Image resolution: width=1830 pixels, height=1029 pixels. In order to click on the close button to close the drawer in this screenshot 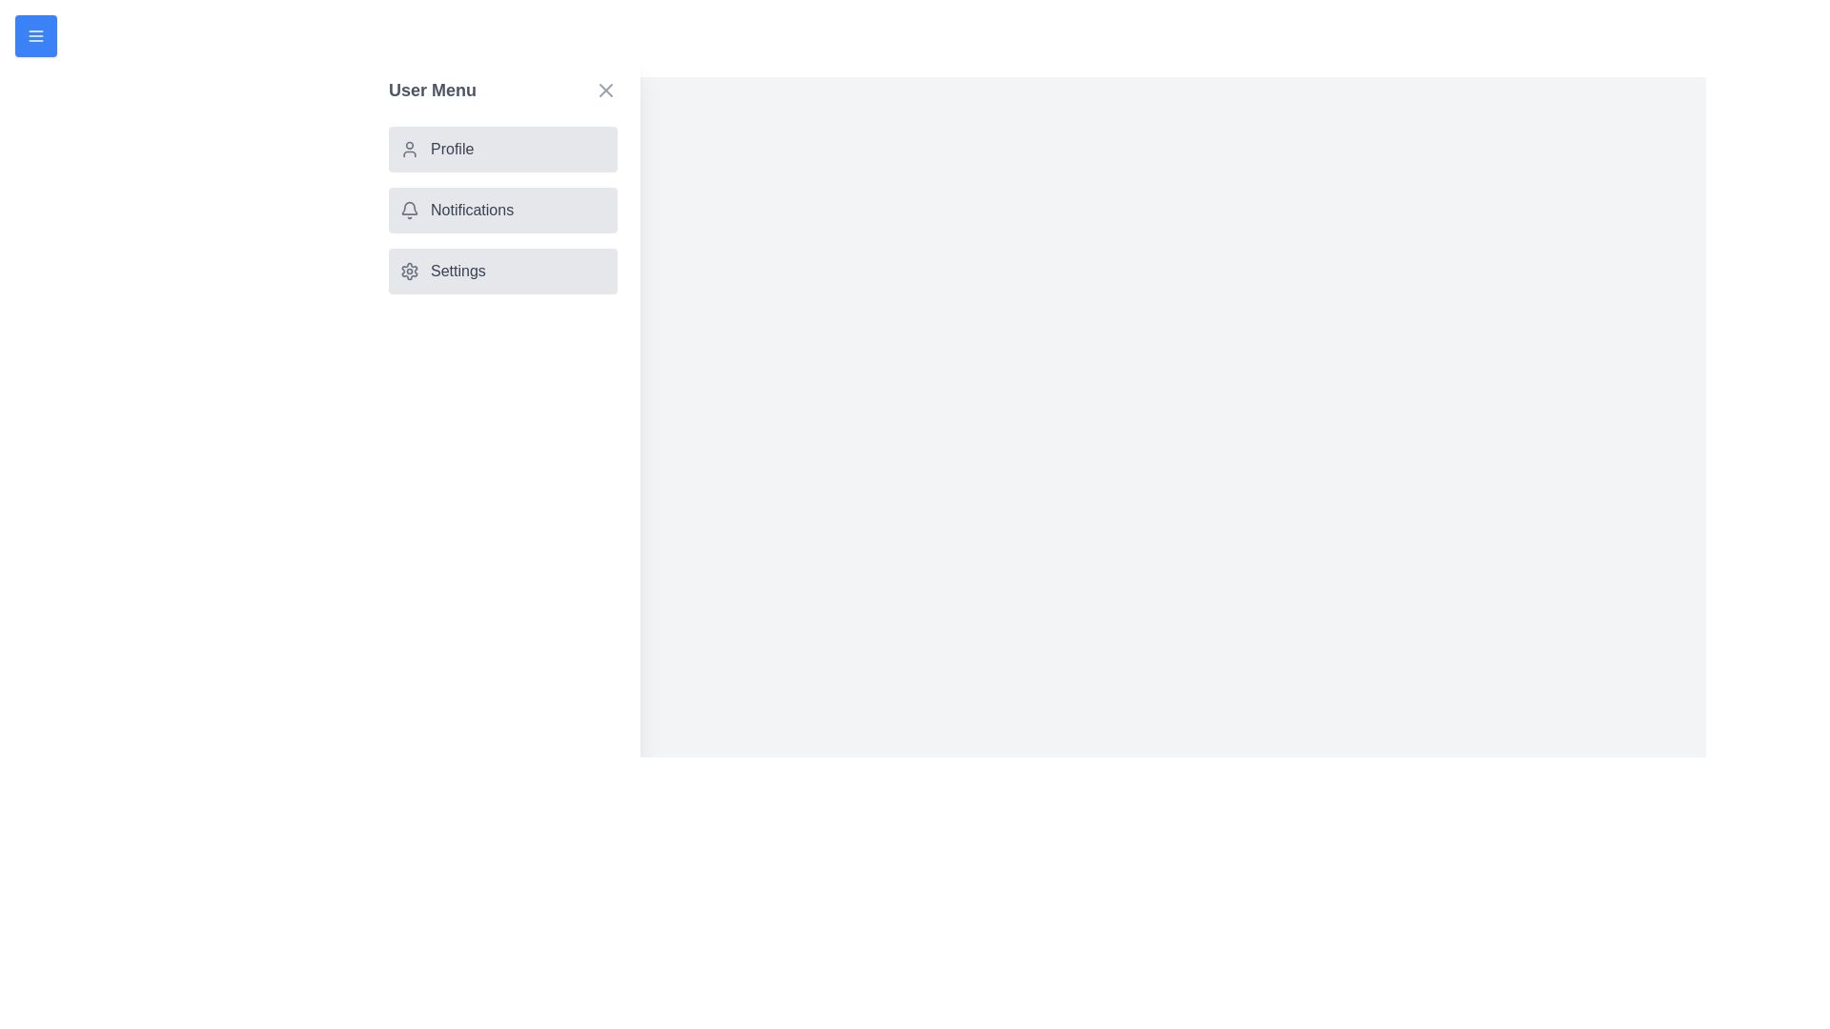, I will do `click(604, 91)`.